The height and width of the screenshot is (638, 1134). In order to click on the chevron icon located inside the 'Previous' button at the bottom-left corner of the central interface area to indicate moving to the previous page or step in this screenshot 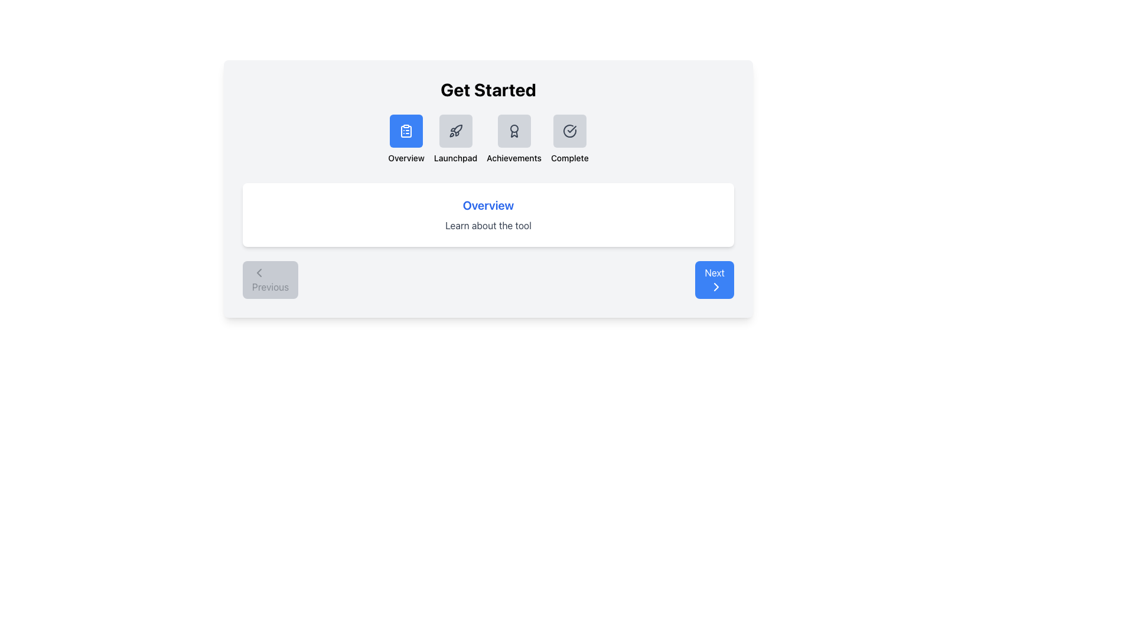, I will do `click(258, 273)`.